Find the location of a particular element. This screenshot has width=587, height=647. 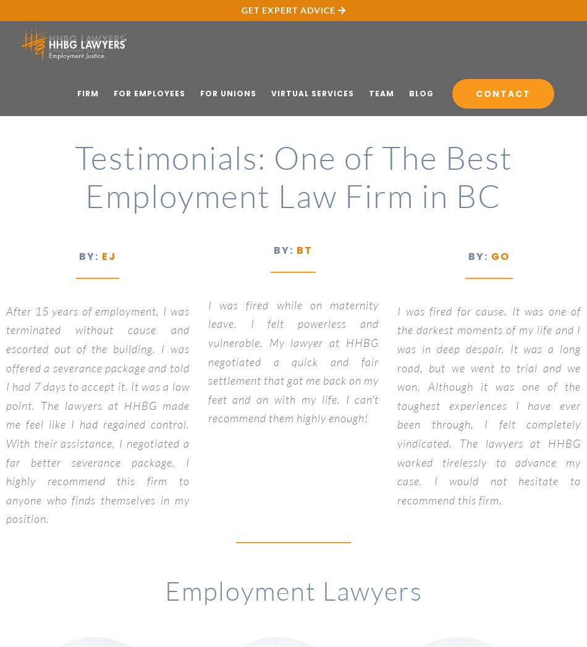

'For Unions' is located at coordinates (227, 93).